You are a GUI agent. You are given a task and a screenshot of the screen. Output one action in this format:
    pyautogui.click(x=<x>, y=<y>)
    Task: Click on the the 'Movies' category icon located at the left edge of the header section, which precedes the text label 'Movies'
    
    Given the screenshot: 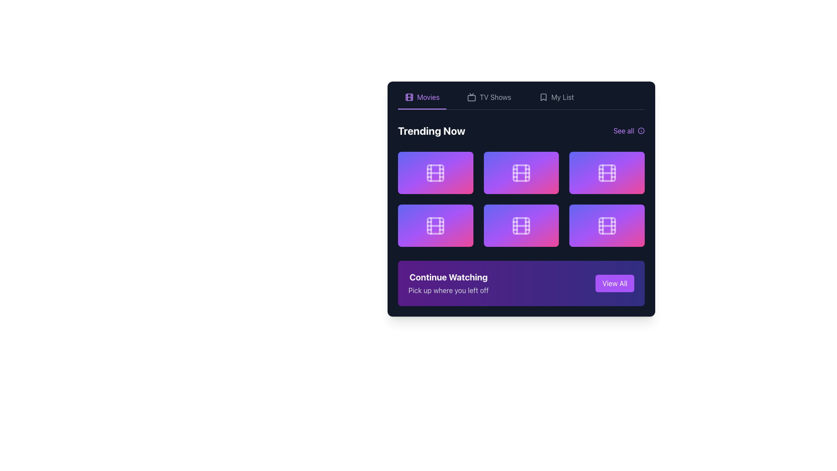 What is the action you would take?
    pyautogui.click(x=409, y=97)
    